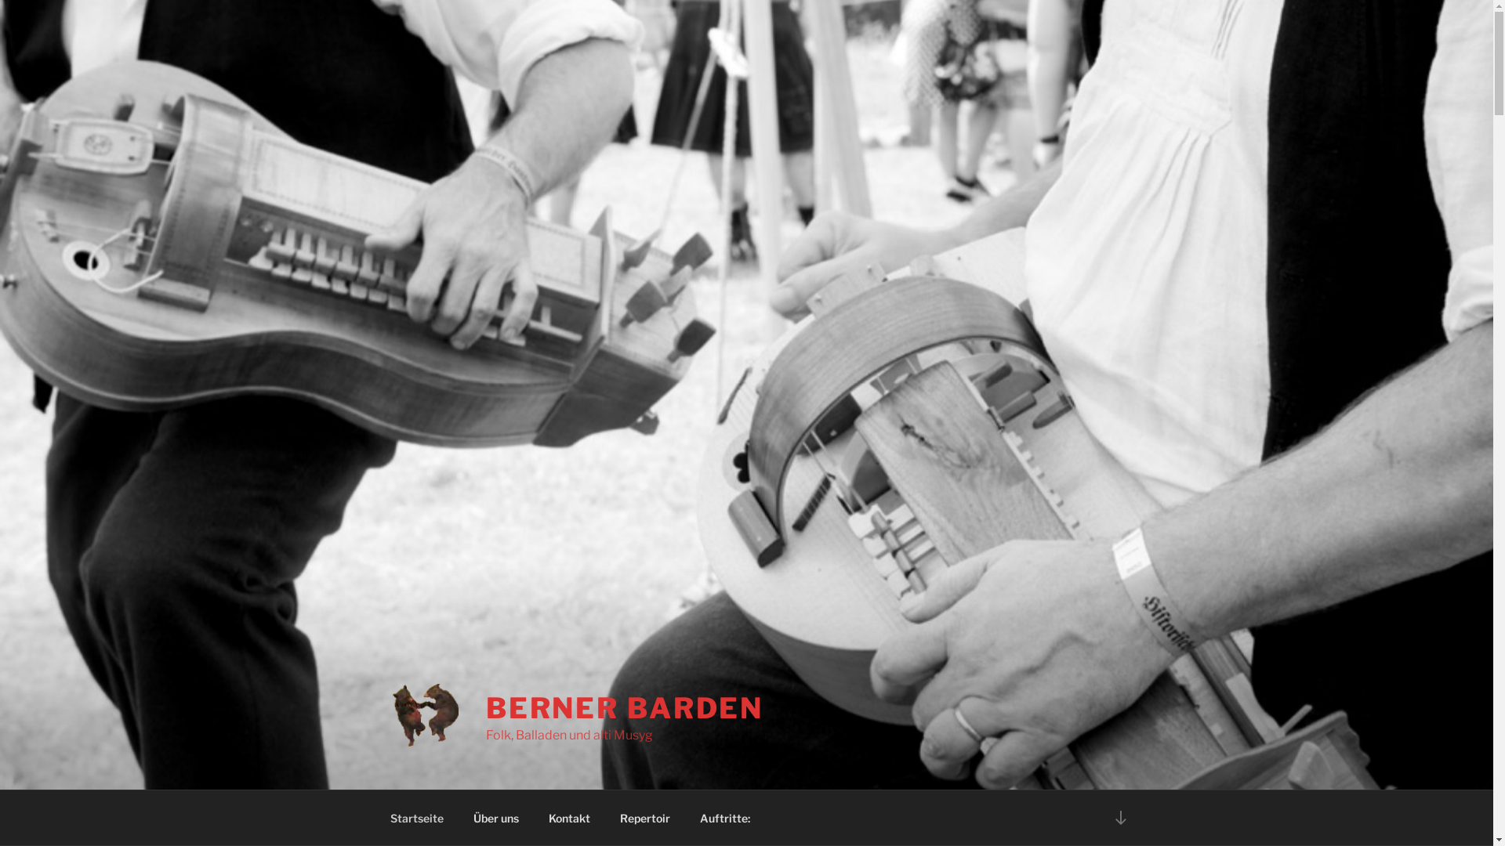 The image size is (1505, 846). What do you see at coordinates (645, 817) in the screenshot?
I see `'Repertoir'` at bounding box center [645, 817].